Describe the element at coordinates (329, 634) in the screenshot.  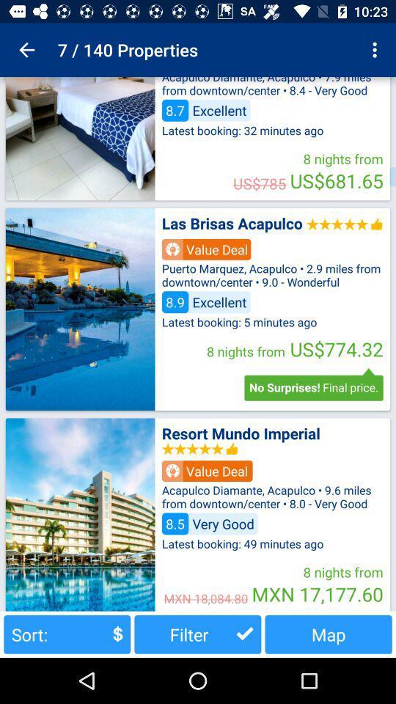
I see `the button to the right of filter` at that location.